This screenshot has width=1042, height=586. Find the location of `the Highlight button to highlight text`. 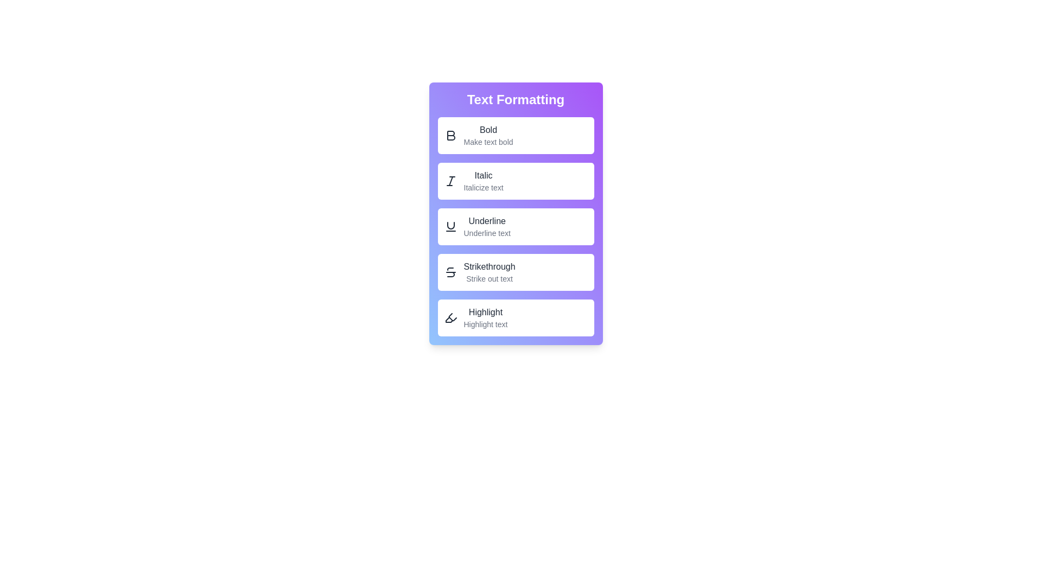

the Highlight button to highlight text is located at coordinates (515, 317).